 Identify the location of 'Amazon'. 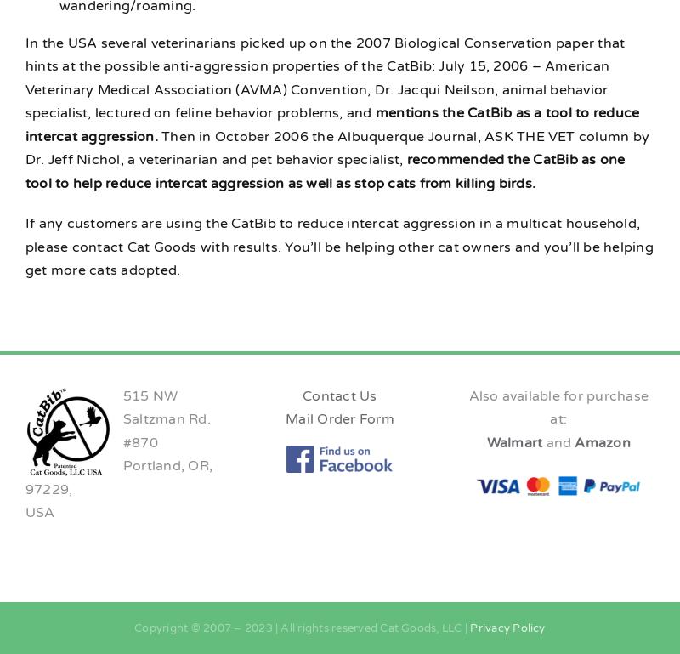
(601, 441).